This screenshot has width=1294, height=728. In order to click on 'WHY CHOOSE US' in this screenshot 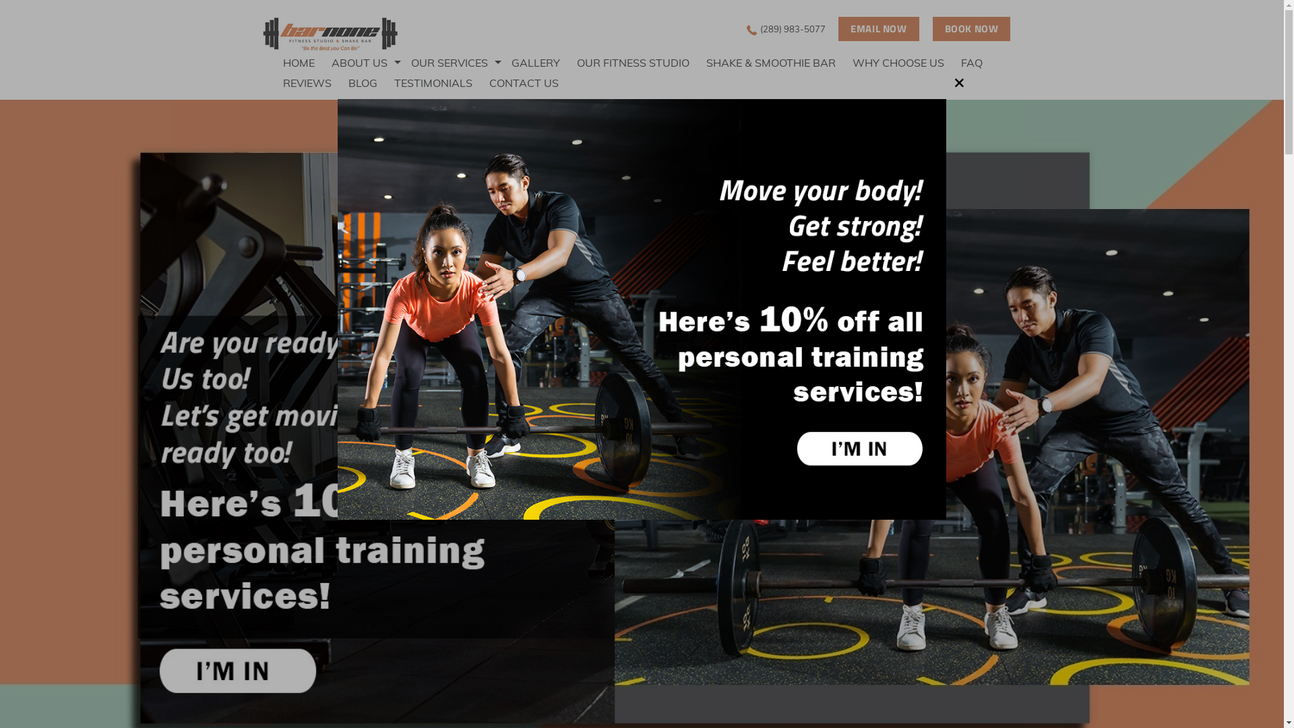, I will do `click(906, 62)`.